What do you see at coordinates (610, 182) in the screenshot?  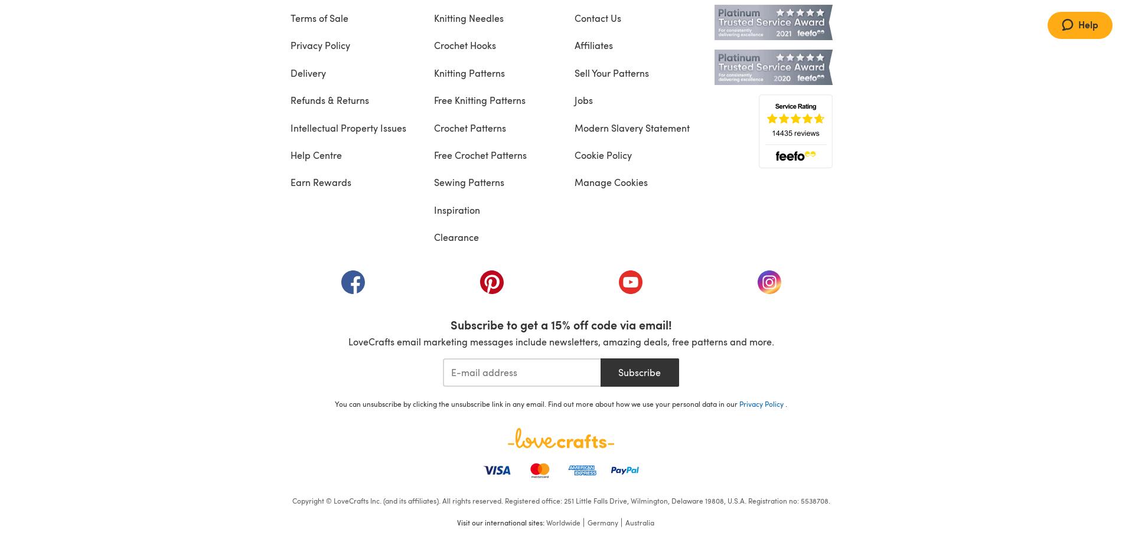 I see `'Manage Cookies'` at bounding box center [610, 182].